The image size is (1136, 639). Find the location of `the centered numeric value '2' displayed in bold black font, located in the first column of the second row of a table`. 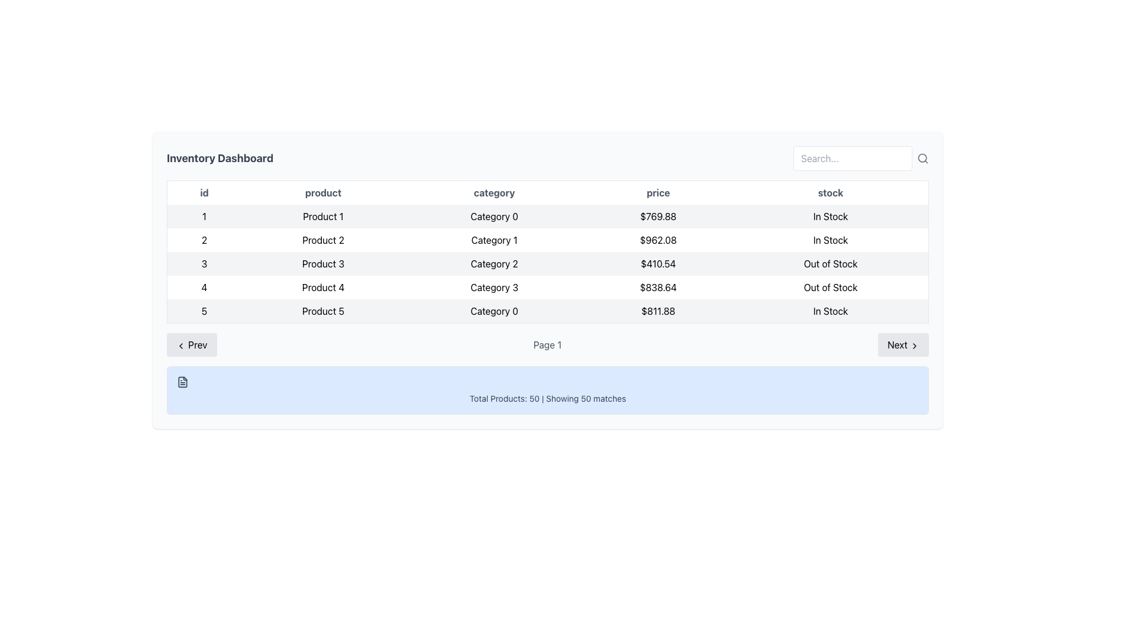

the centered numeric value '2' displayed in bold black font, located in the first column of the second row of a table is located at coordinates (204, 240).